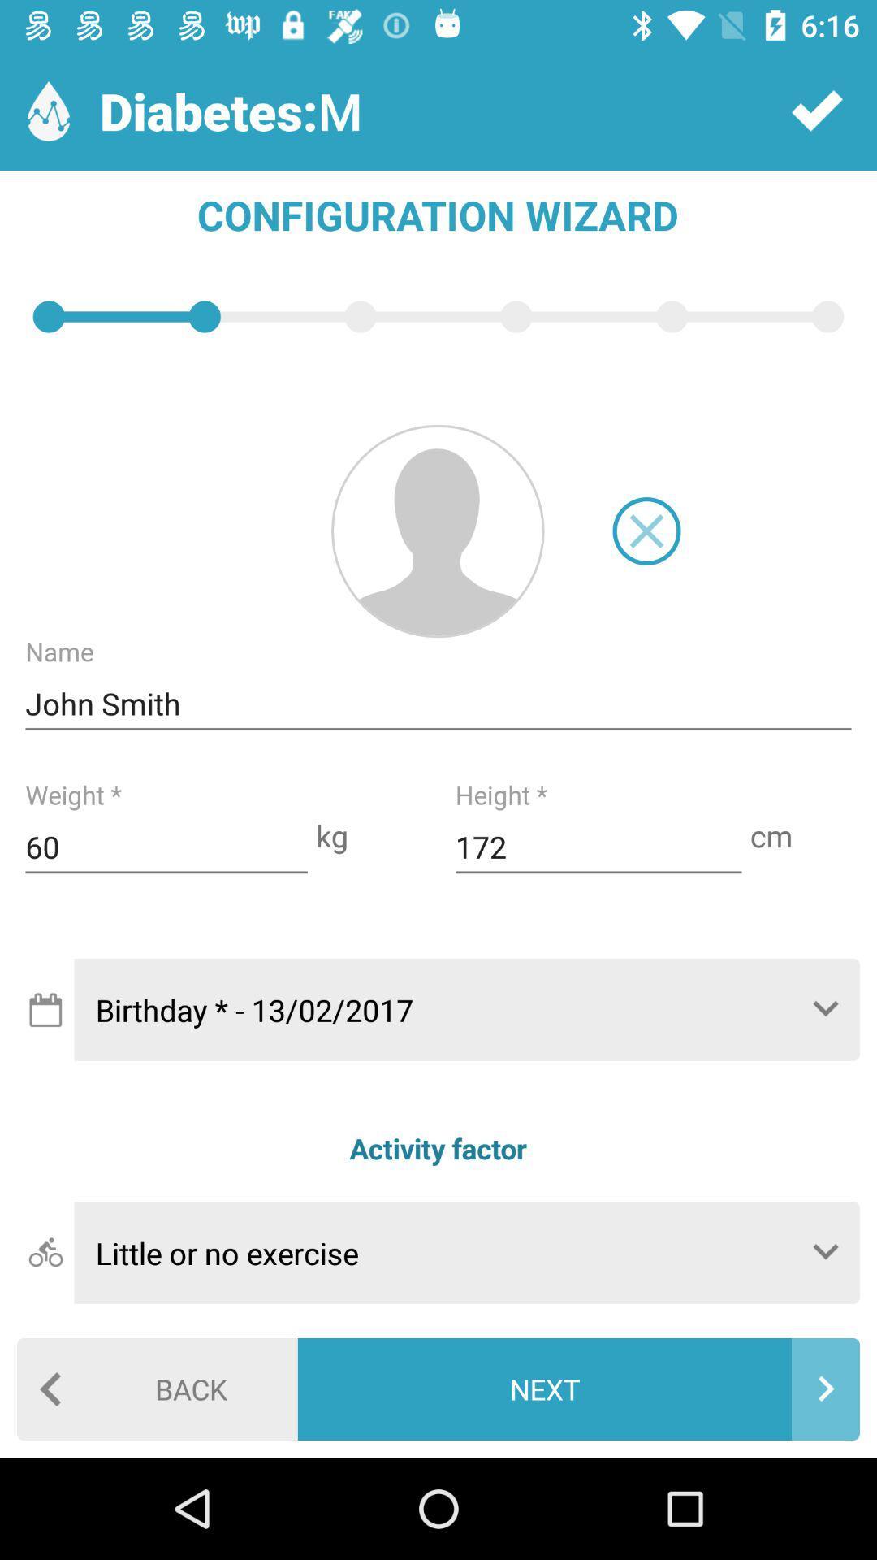 This screenshot has height=1560, width=877. I want to click on button, so click(646, 531).